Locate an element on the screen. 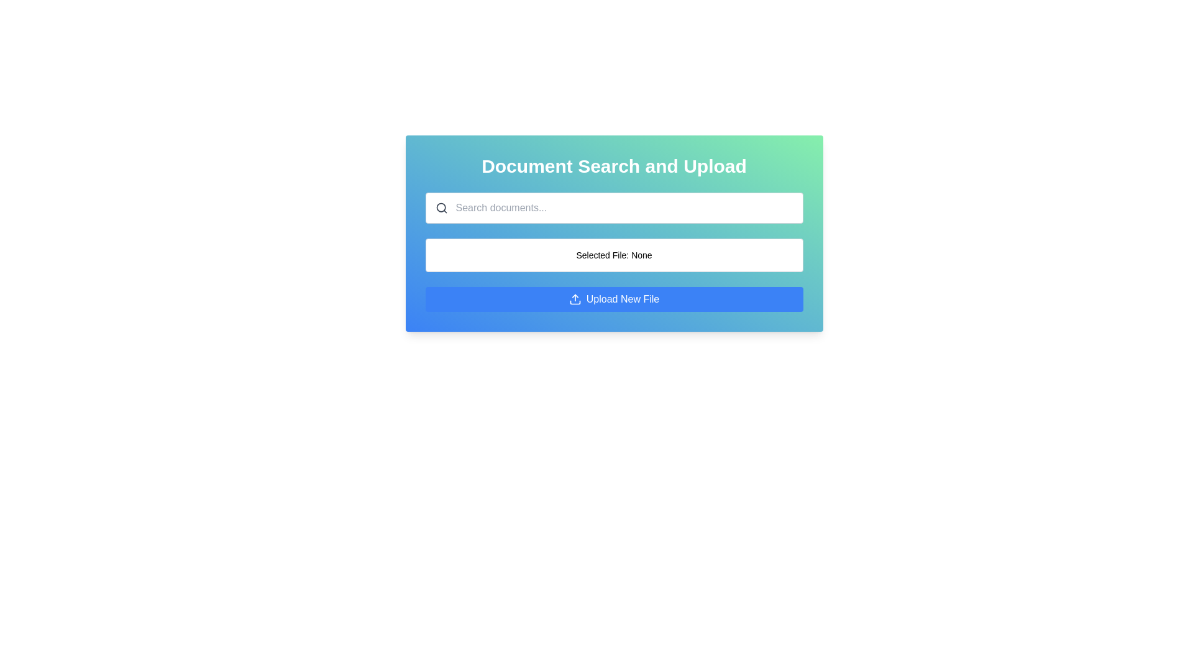  the magnifying glass icon located inside the search field, positioned to the left of the placeholder text 'Search documents...' is located at coordinates (441, 208).